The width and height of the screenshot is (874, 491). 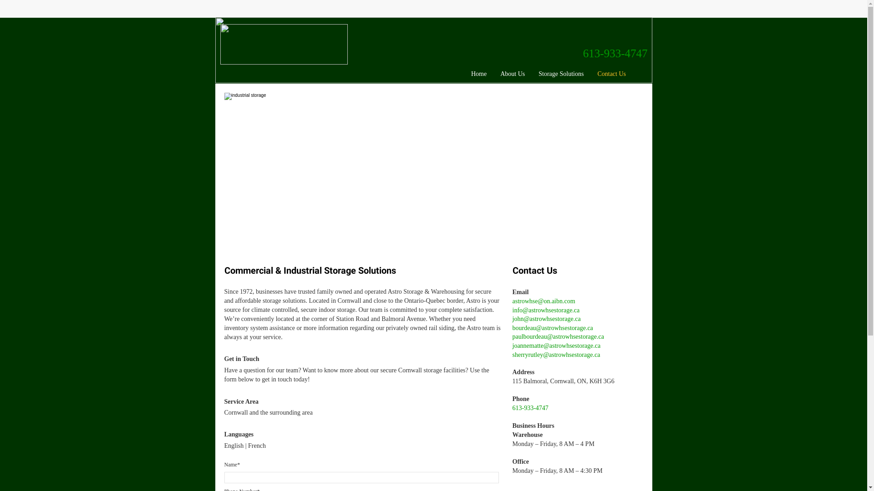 What do you see at coordinates (614, 73) in the screenshot?
I see `'Contact Us'` at bounding box center [614, 73].